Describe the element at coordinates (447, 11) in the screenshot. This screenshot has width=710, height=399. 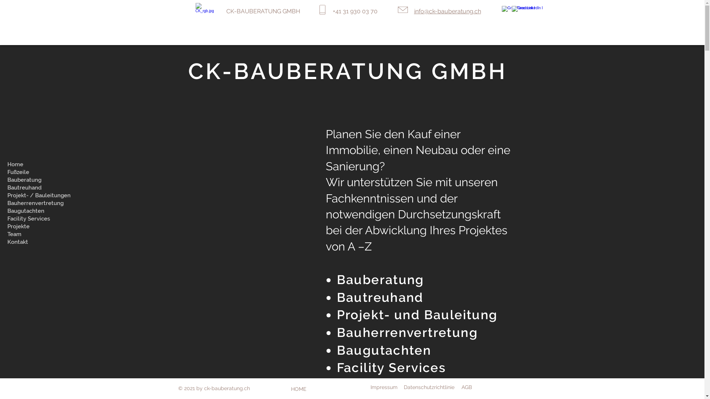
I see `'info@ck-bauberatung.ch'` at that location.